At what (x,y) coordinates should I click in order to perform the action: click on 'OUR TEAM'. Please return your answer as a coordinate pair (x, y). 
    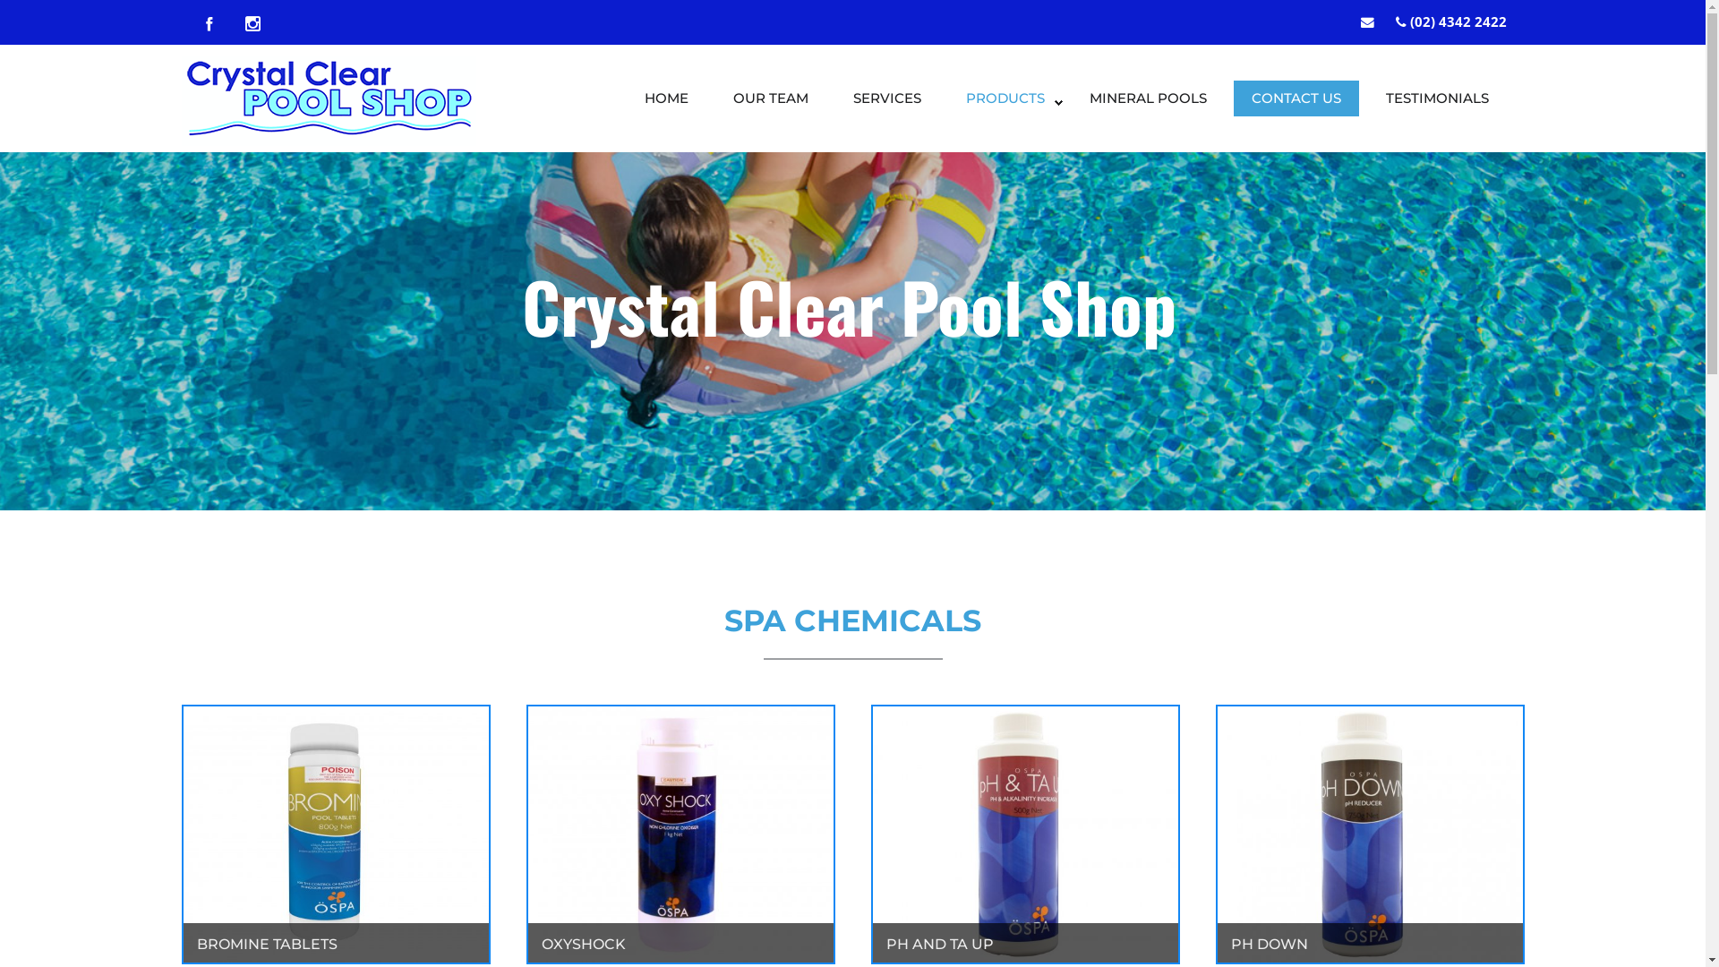
    Looking at the image, I should click on (769, 98).